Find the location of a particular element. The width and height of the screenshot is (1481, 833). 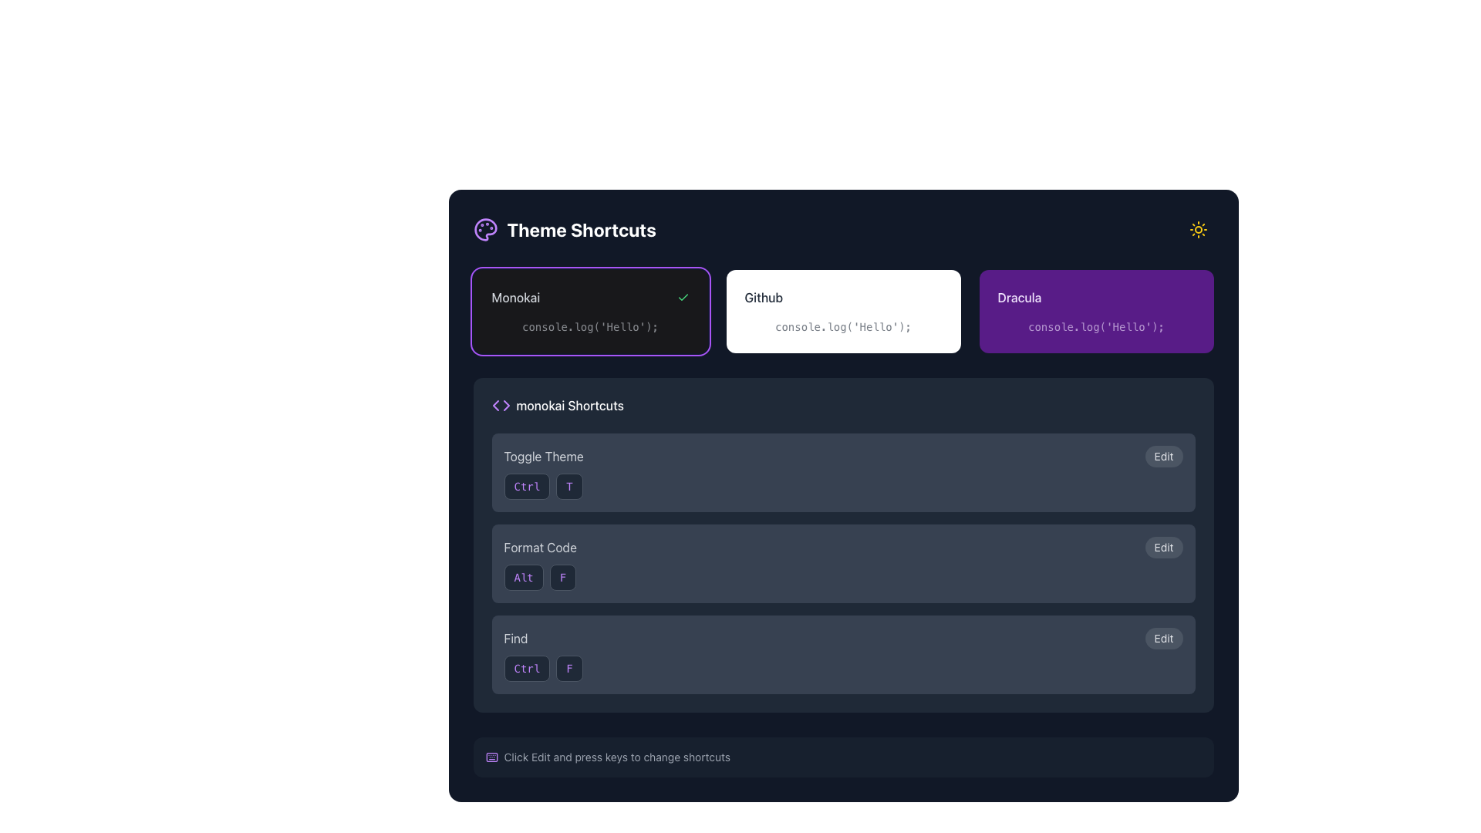

the purple SVG icon resembling code brackets '<>' located in front of the text 'monokai Shortcuts' is located at coordinates (501, 404).